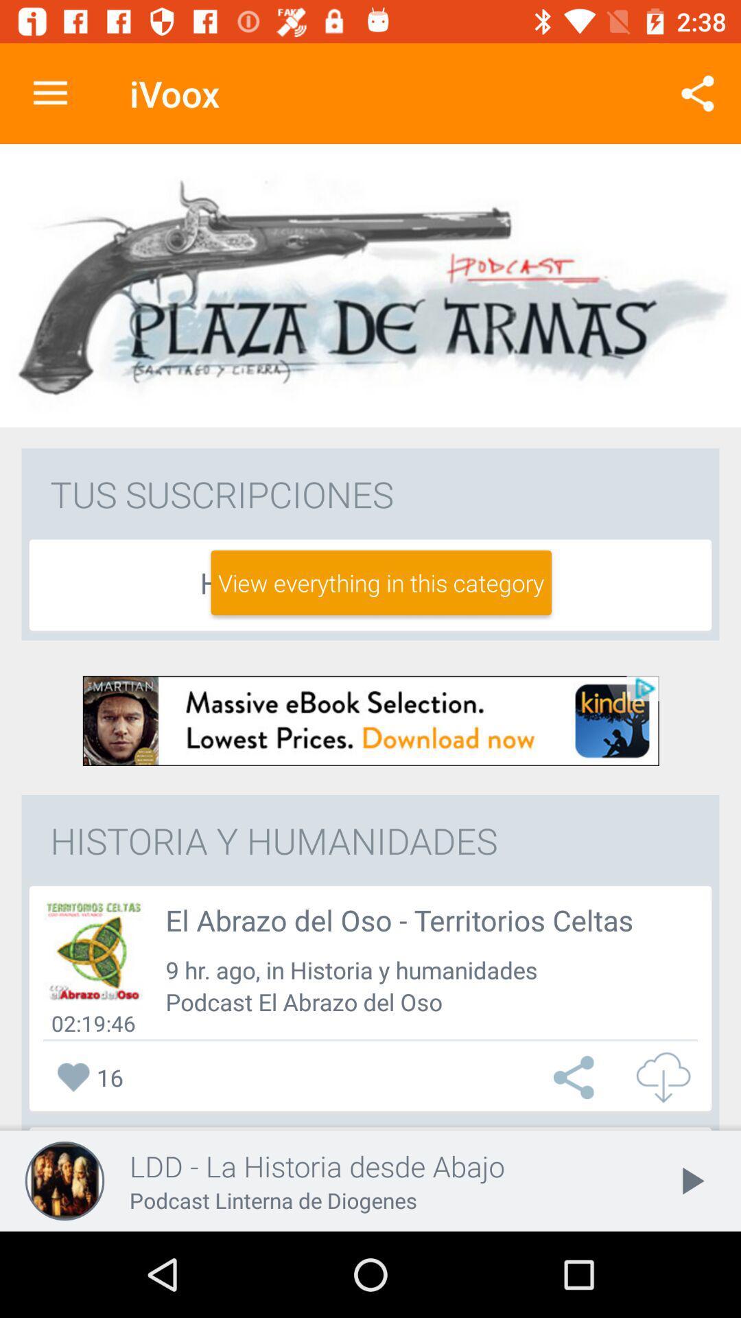 The image size is (741, 1318). Describe the element at coordinates (577, 1076) in the screenshot. I see `share button` at that location.